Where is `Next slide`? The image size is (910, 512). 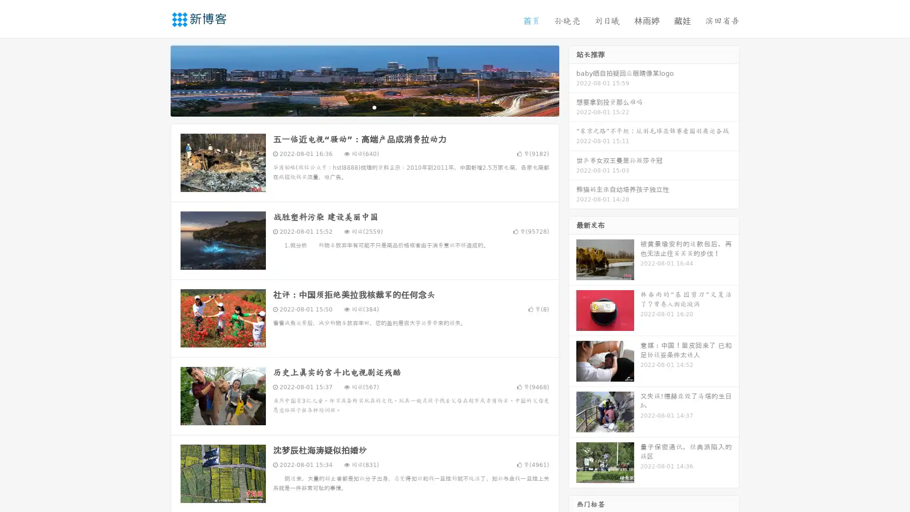 Next slide is located at coordinates (573, 80).